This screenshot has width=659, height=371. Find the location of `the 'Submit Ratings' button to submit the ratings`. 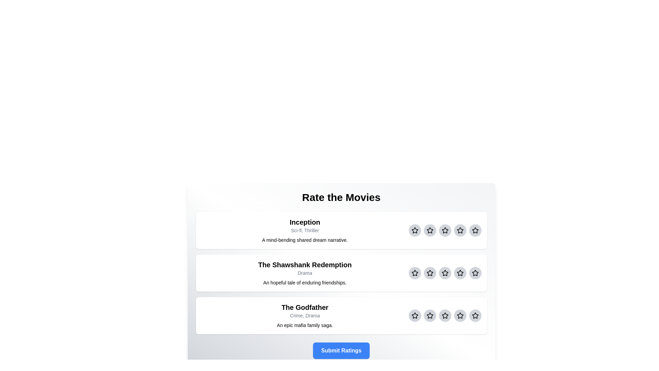

the 'Submit Ratings' button to submit the ratings is located at coordinates (341, 351).